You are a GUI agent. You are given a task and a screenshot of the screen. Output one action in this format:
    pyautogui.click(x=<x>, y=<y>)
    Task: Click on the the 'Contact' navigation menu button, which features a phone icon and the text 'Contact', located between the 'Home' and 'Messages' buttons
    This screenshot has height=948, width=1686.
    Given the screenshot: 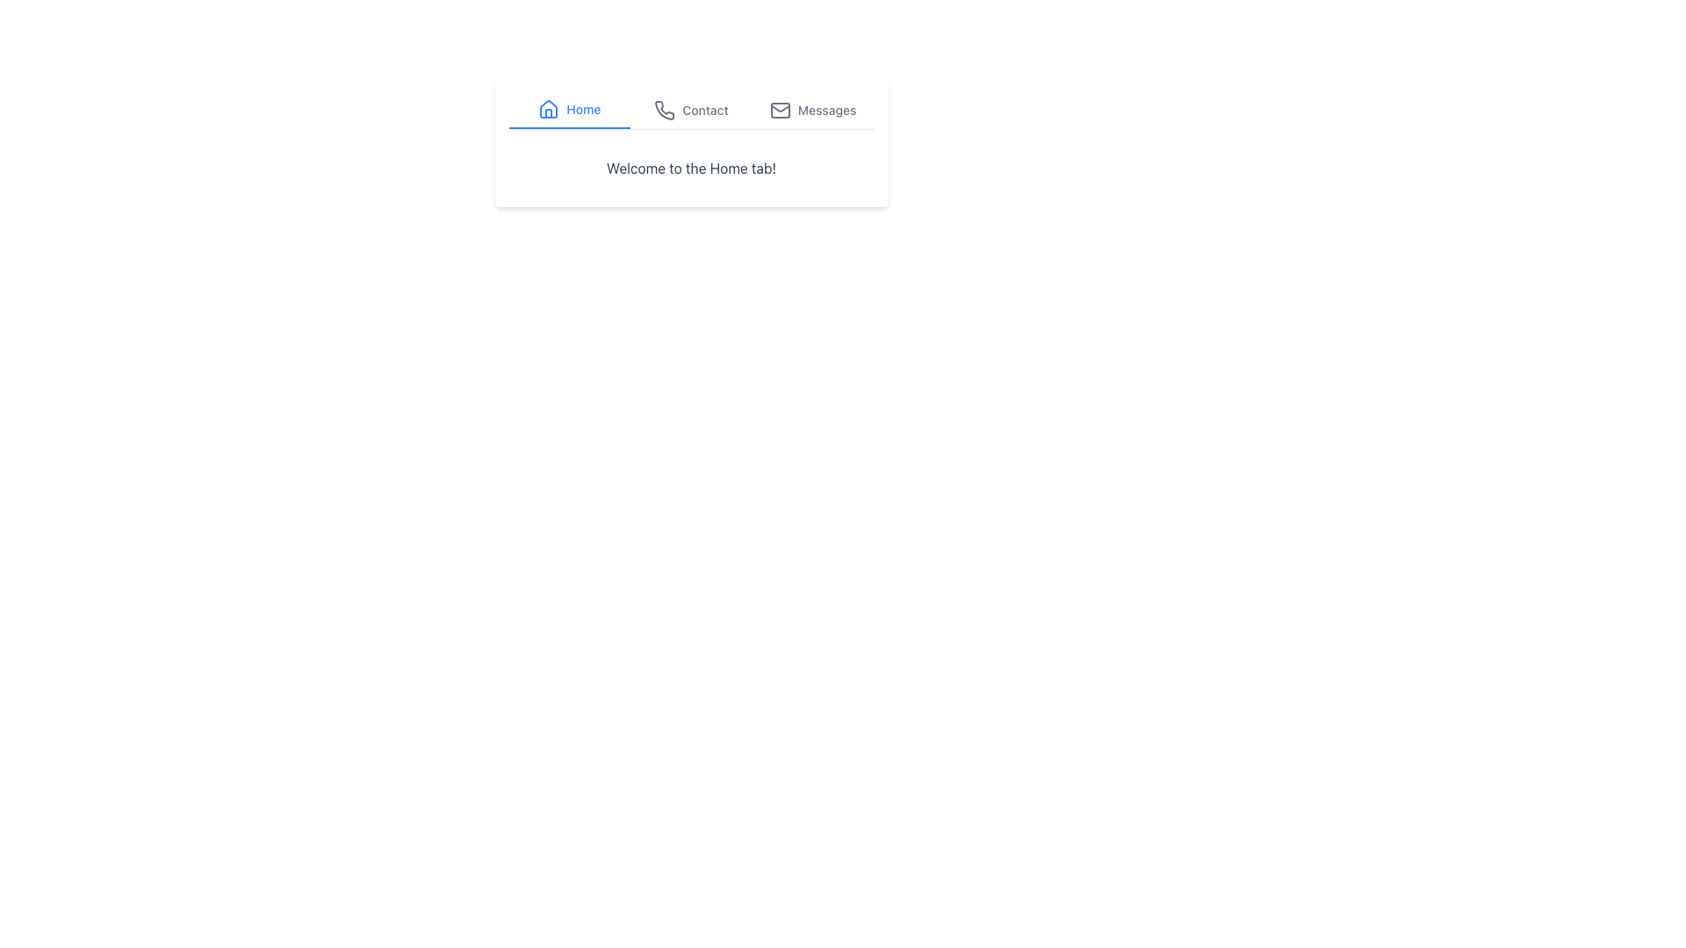 What is the action you would take?
    pyautogui.click(x=690, y=111)
    